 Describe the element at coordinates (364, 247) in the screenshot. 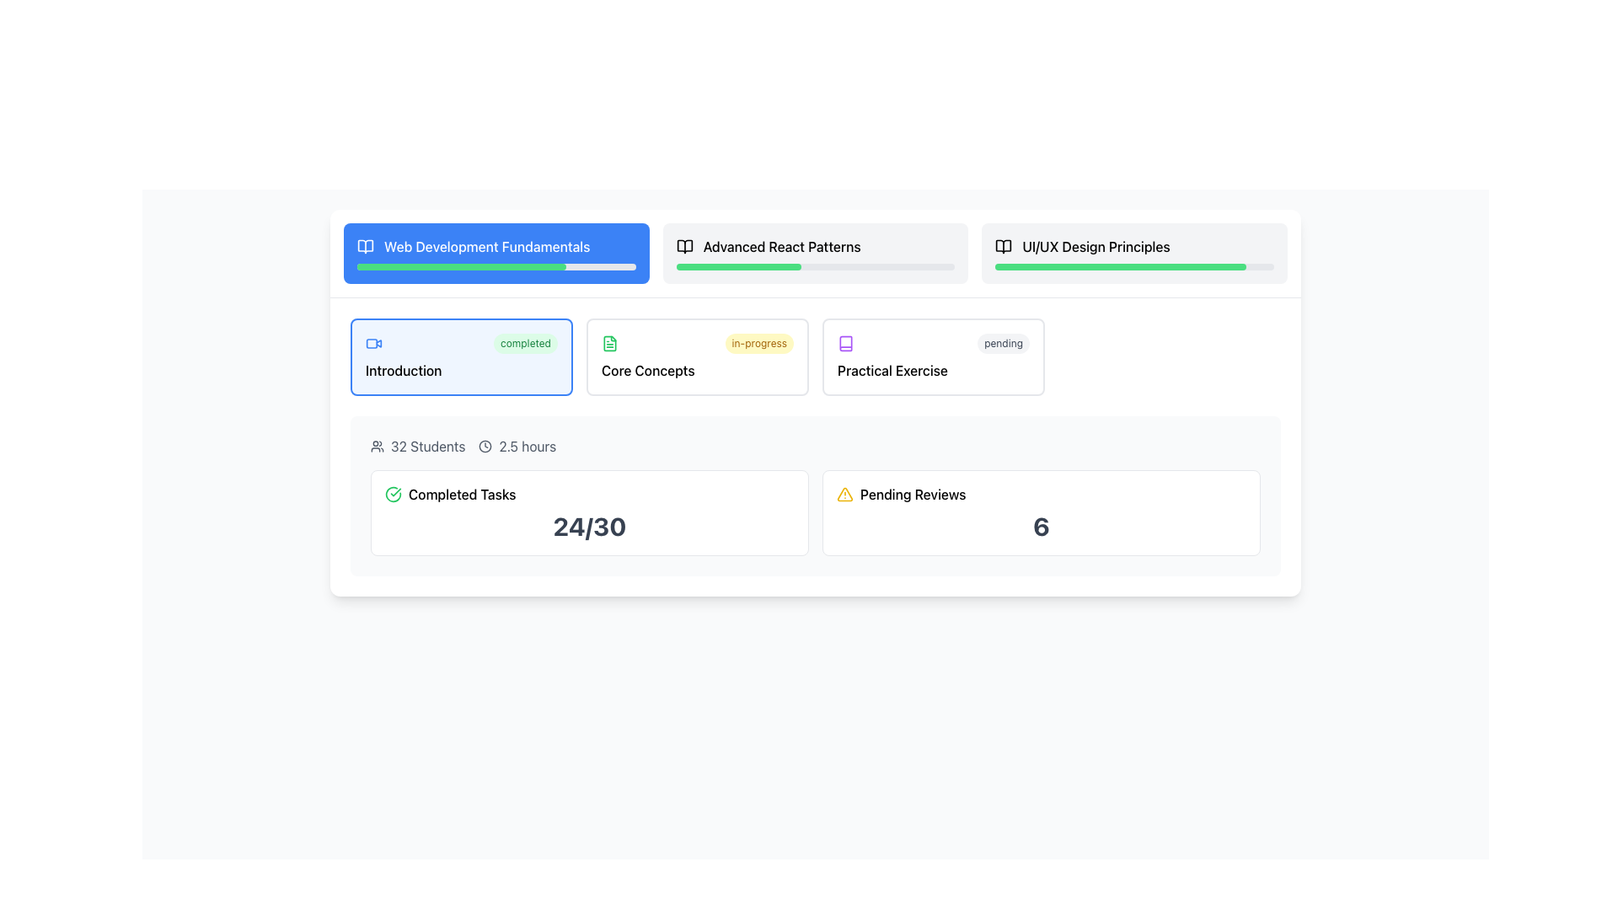

I see `the book icon located to the far left of the 'Web Development Fundamentals' title bar, which serves as a visual indicator for the course` at that location.